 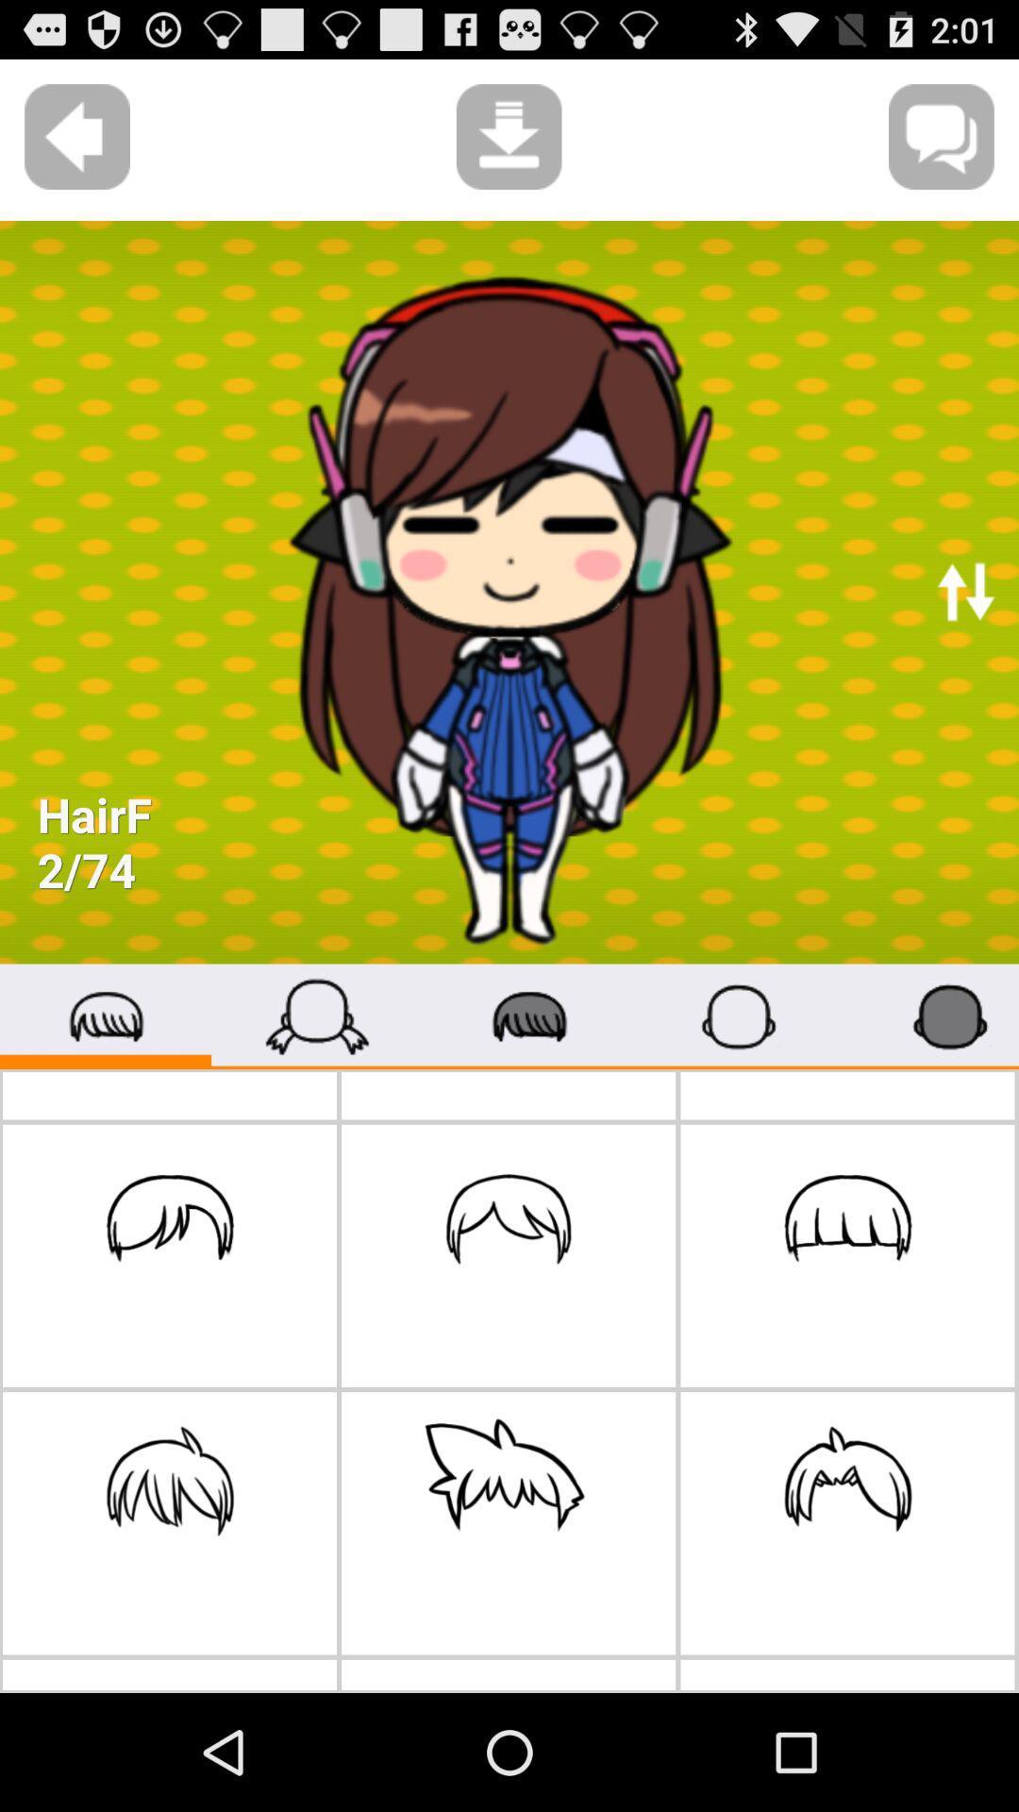 What do you see at coordinates (508, 145) in the screenshot?
I see `the file_download icon` at bounding box center [508, 145].